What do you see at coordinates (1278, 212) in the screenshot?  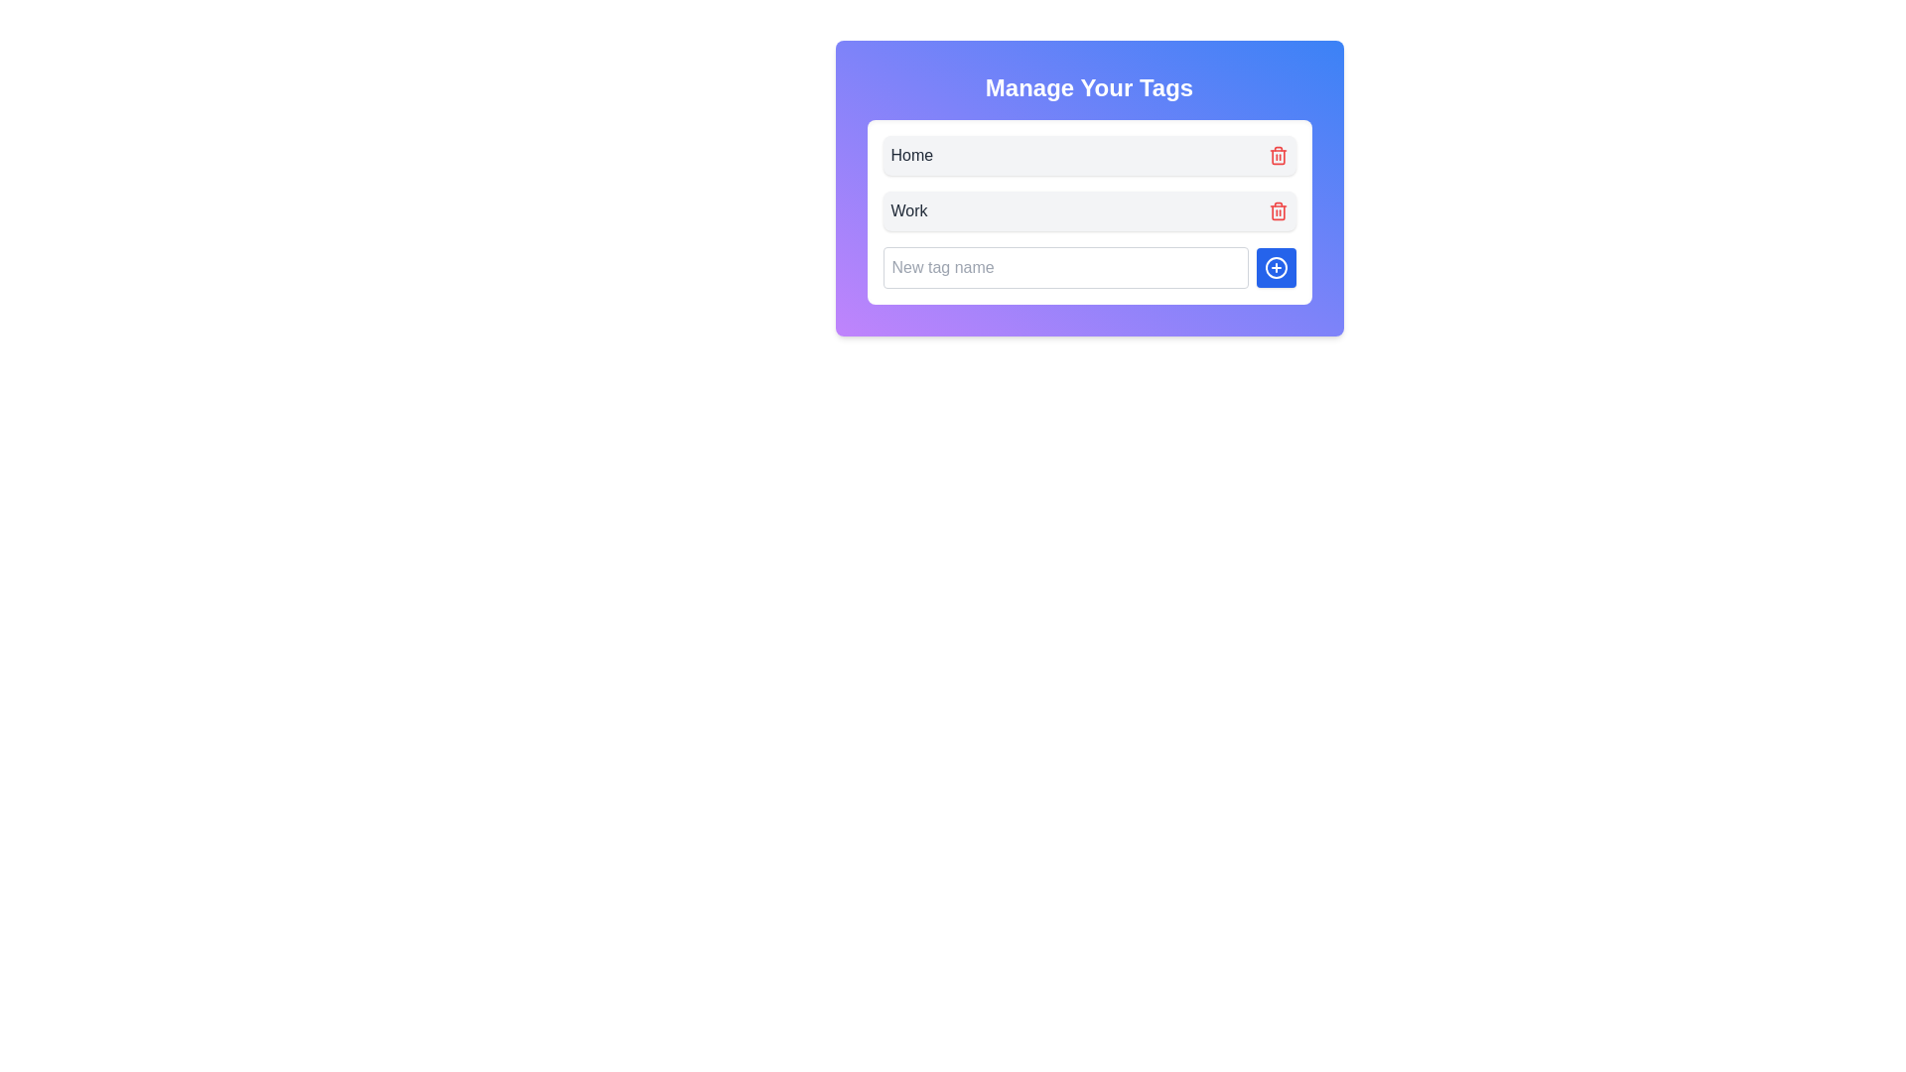 I see `the trash can icon within the red delete button for the 'Work' tag, located on the right side of the second row in the list` at bounding box center [1278, 212].